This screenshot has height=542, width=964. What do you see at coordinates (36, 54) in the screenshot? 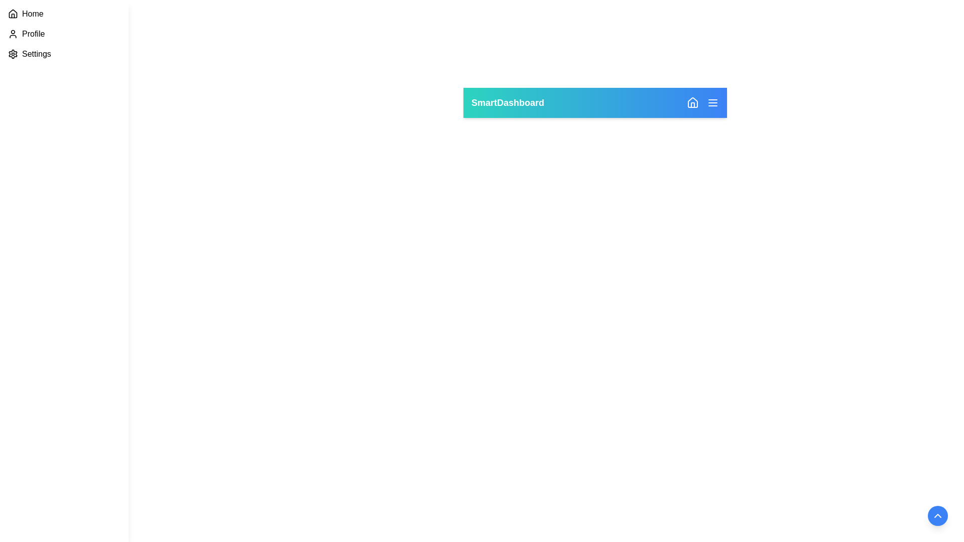
I see `the 'Settings' text label in the sidebar menu` at bounding box center [36, 54].